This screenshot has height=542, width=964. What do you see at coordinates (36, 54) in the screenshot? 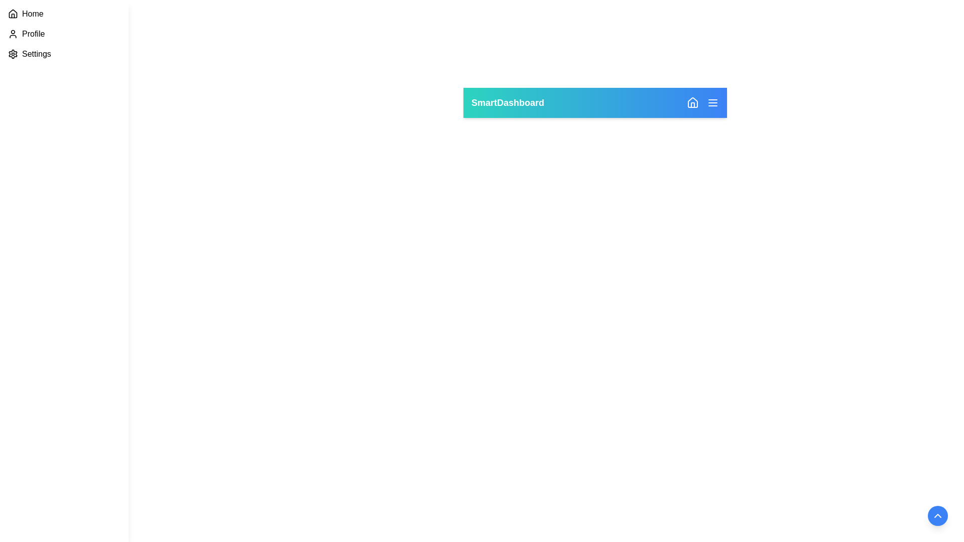
I see `the 'Settings' text label in the sidebar menu` at bounding box center [36, 54].